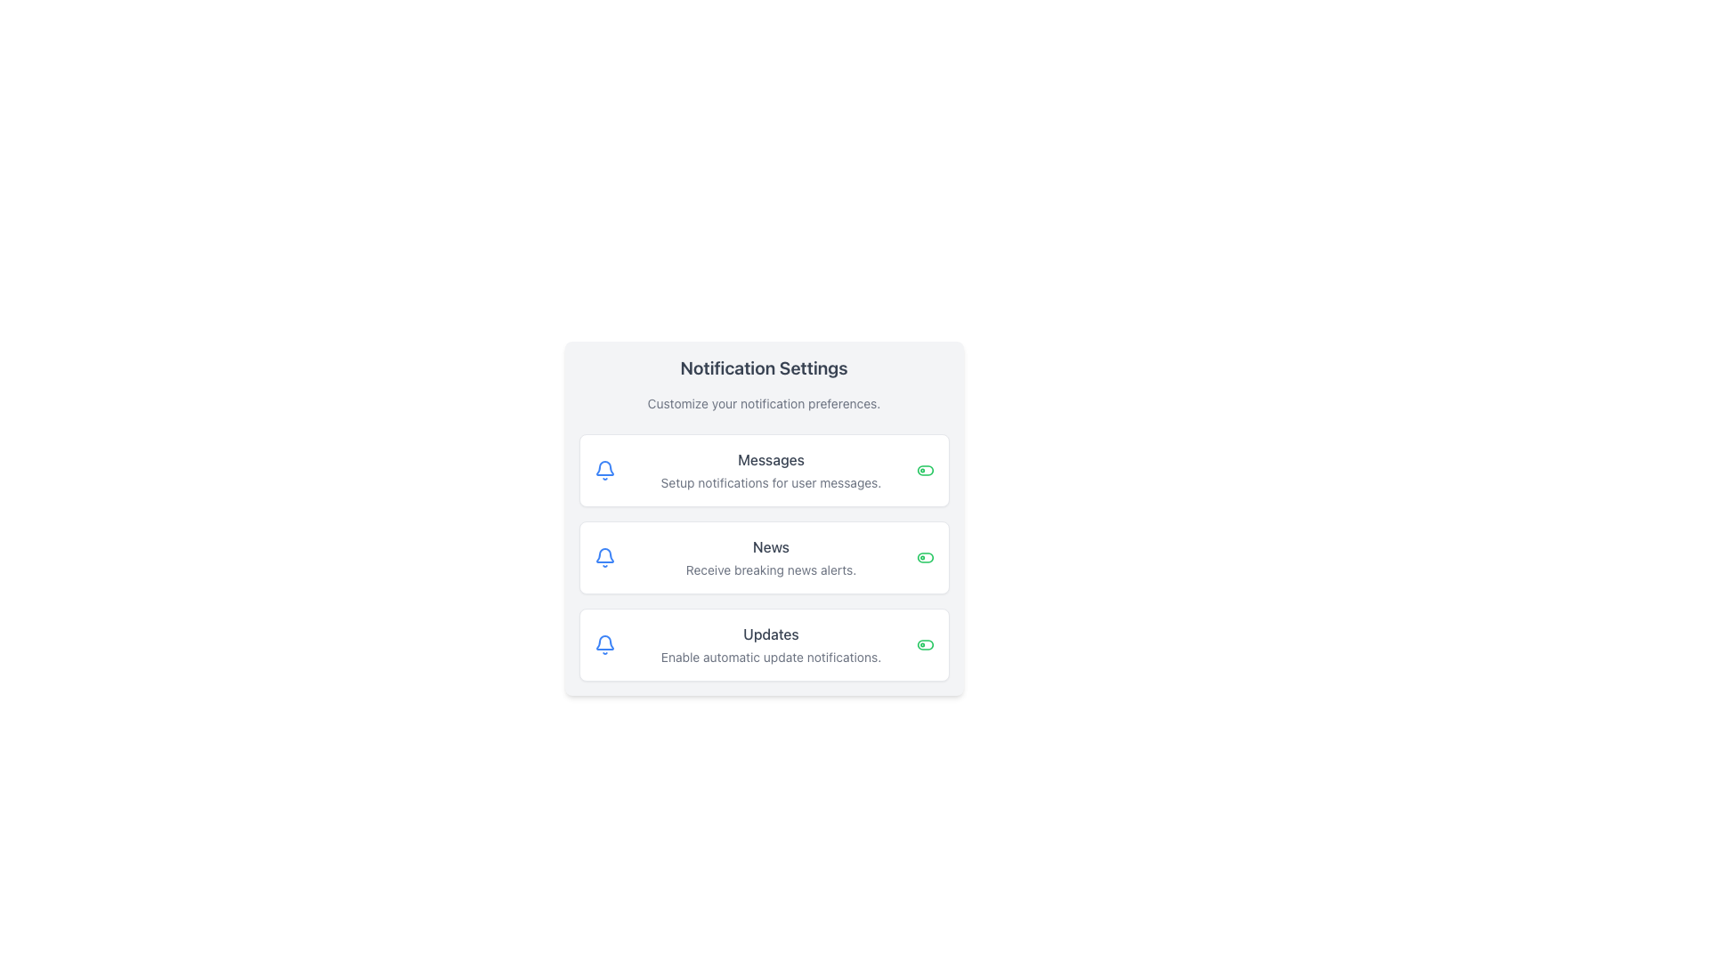 This screenshot has width=1709, height=961. What do you see at coordinates (771, 458) in the screenshot?
I see `the bold 'Messages' text label in the Notification Settings section, located at the top of the first card` at bounding box center [771, 458].